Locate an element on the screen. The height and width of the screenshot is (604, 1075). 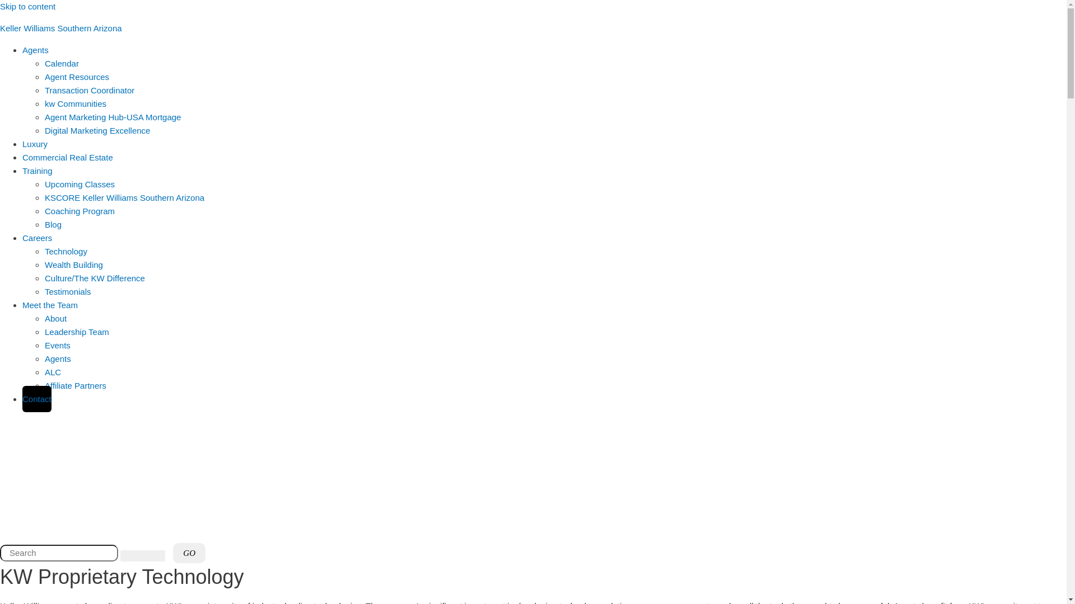
'Culture/The KW Difference' is located at coordinates (95, 277).